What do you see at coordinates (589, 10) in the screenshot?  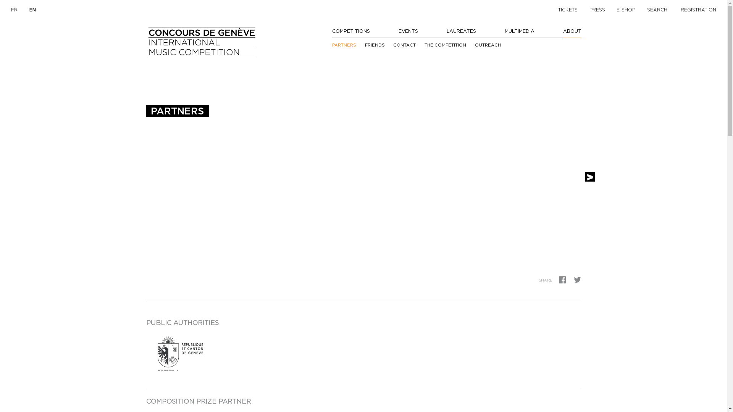 I see `'PRESS'` at bounding box center [589, 10].